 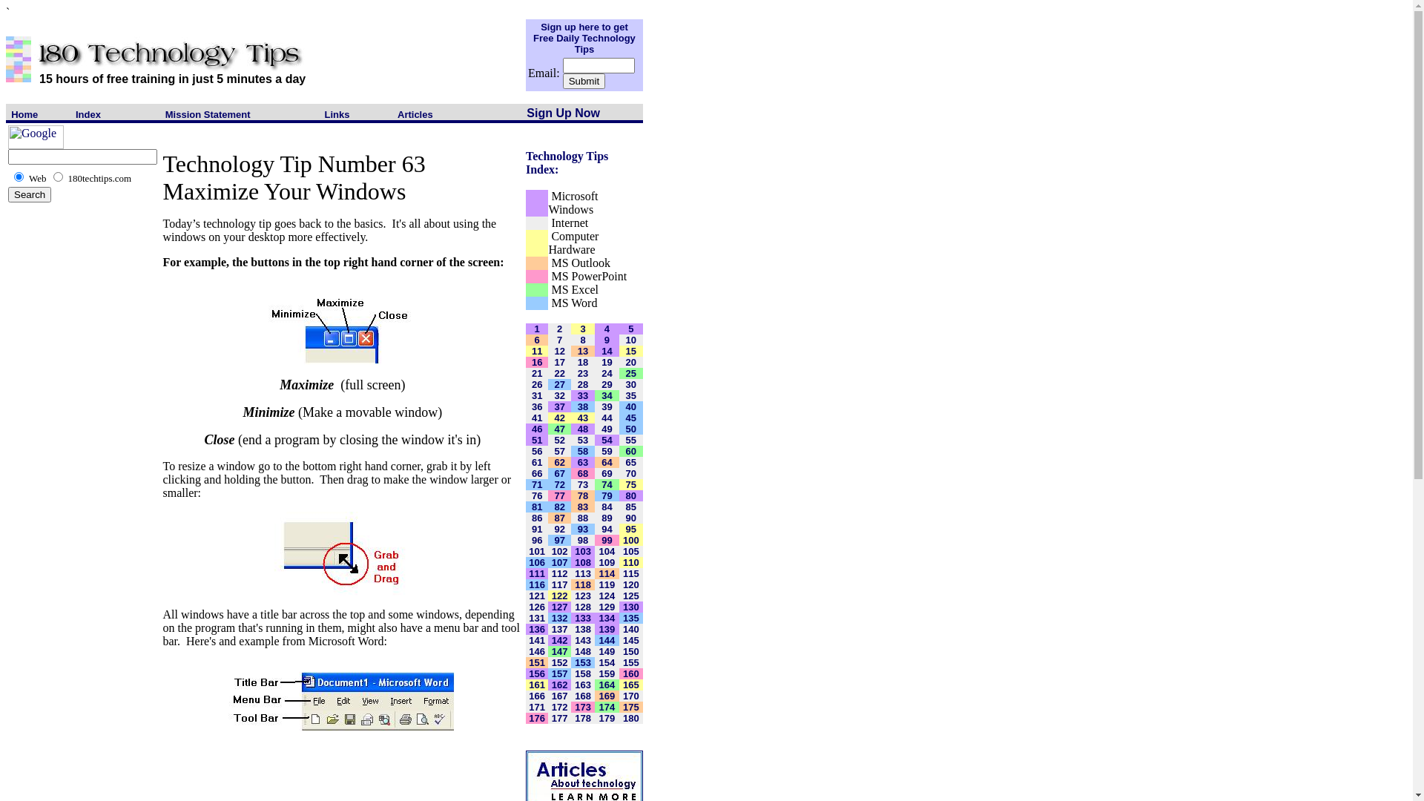 I want to click on '132', so click(x=558, y=617).